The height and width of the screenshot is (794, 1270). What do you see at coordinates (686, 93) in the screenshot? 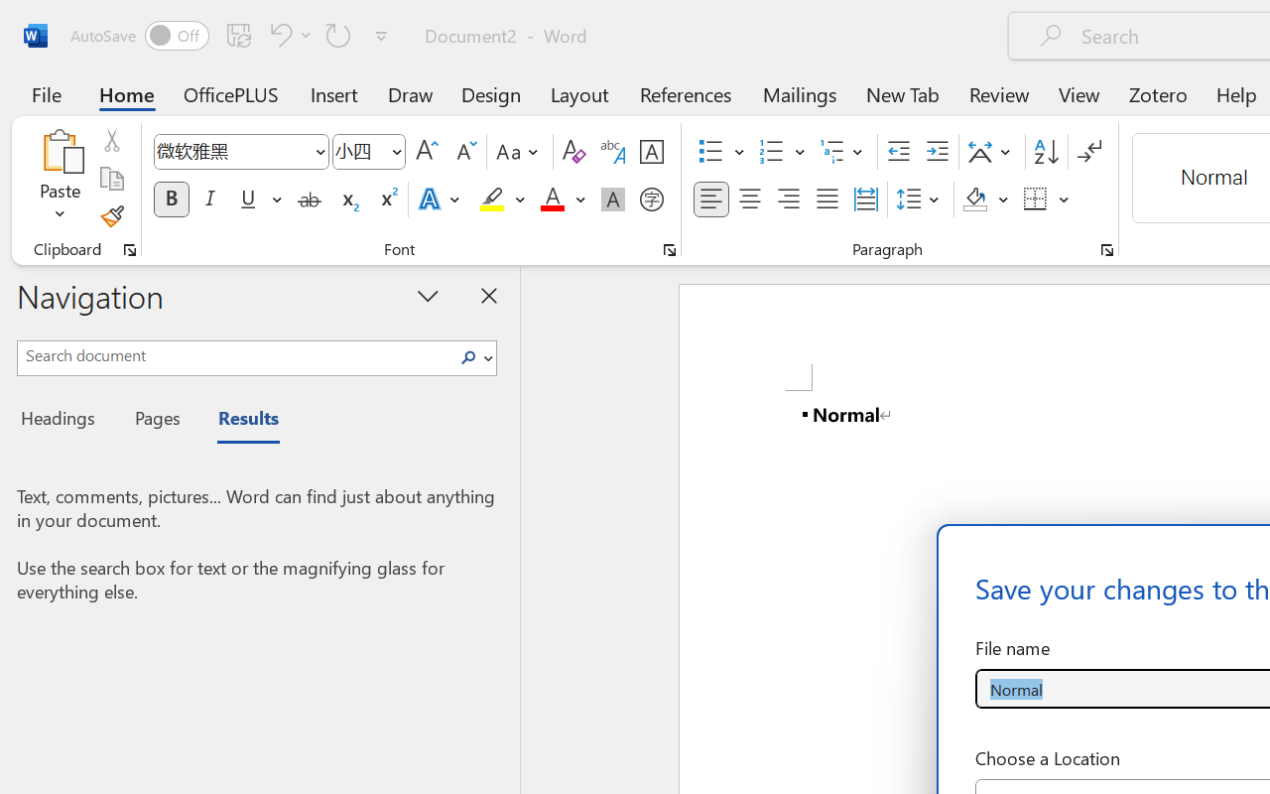
I see `'References'` at bounding box center [686, 93].